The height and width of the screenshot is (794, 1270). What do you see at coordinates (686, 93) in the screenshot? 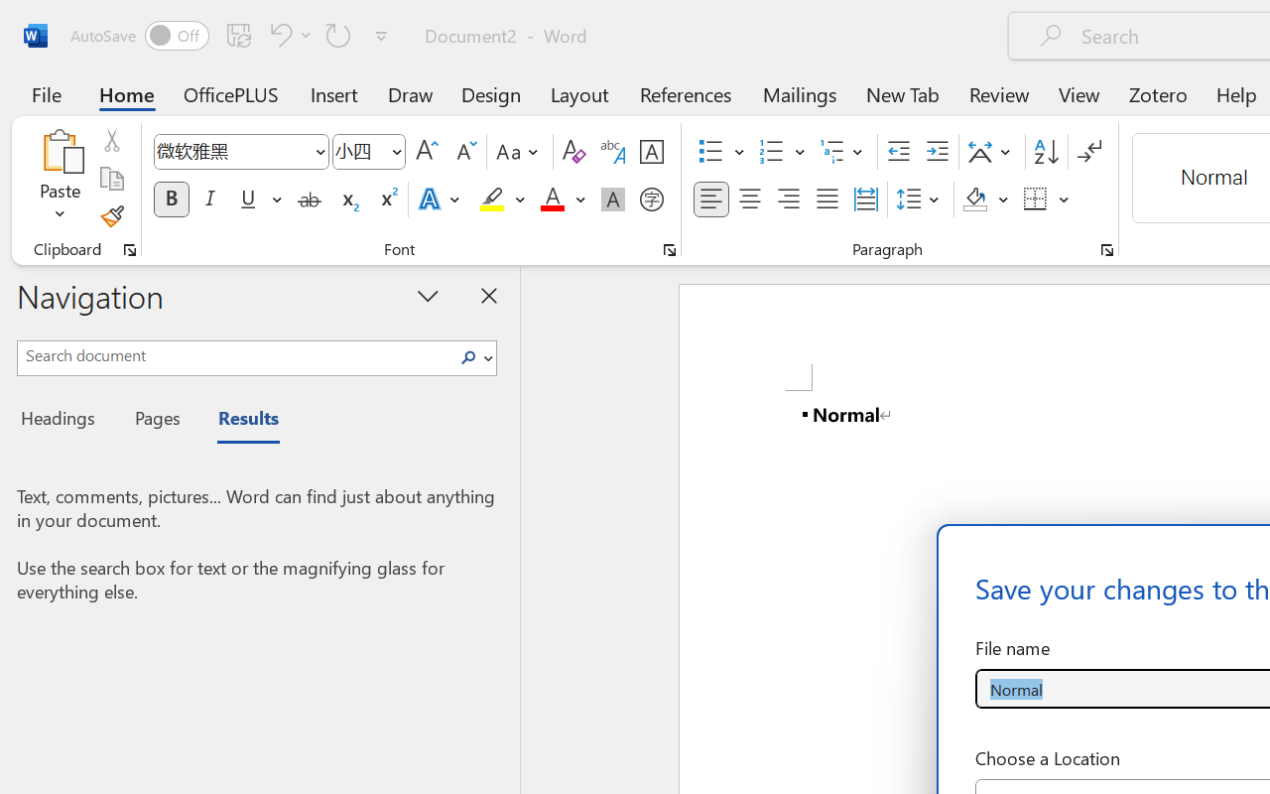
I see `'References'` at bounding box center [686, 93].